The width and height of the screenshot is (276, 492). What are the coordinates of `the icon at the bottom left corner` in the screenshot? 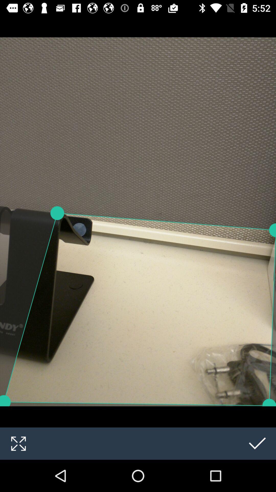 It's located at (18, 443).